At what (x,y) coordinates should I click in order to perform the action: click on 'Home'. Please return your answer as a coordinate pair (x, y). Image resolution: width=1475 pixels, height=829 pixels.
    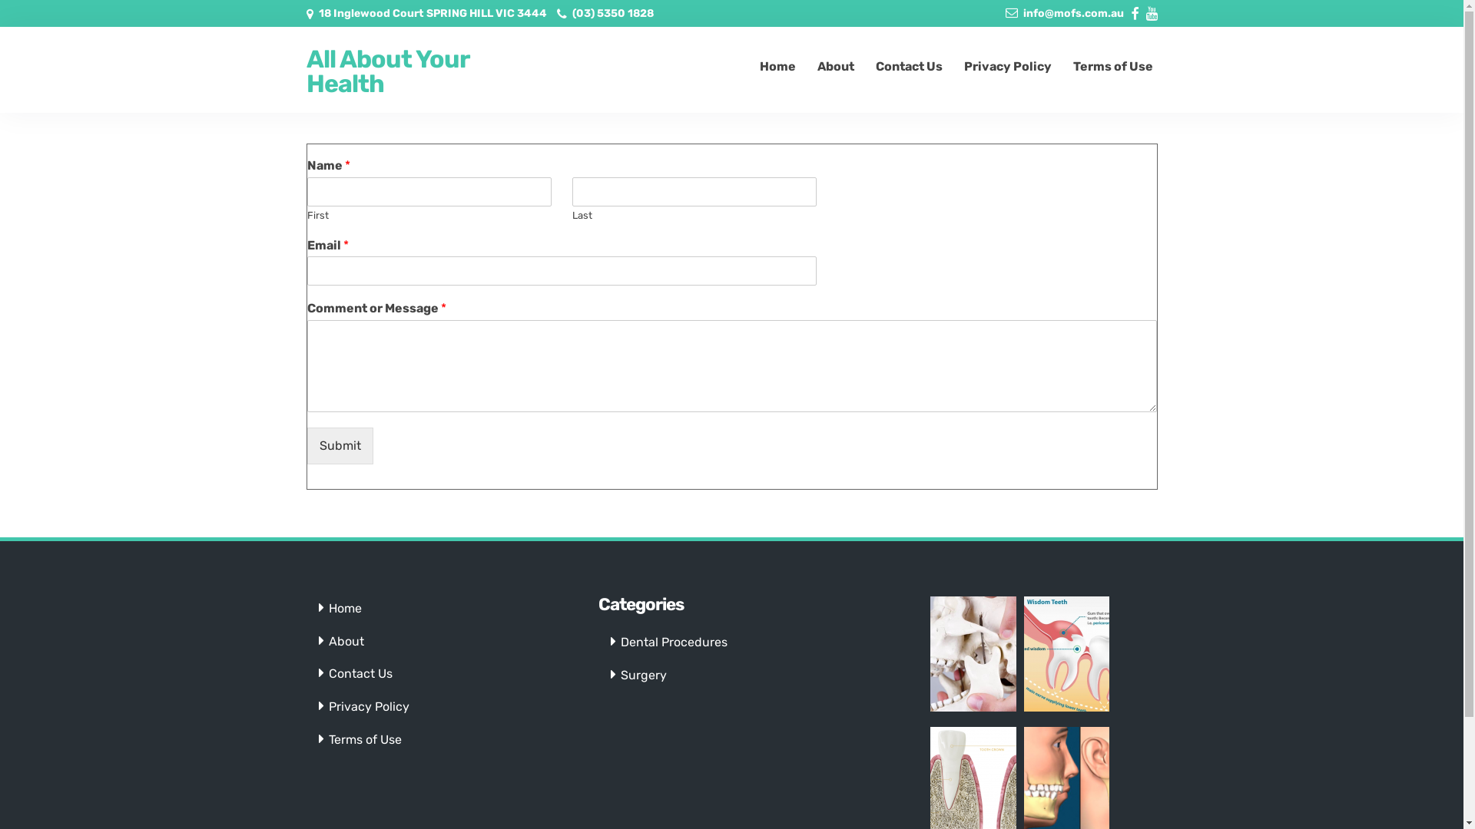
    Looking at the image, I should click on (777, 66).